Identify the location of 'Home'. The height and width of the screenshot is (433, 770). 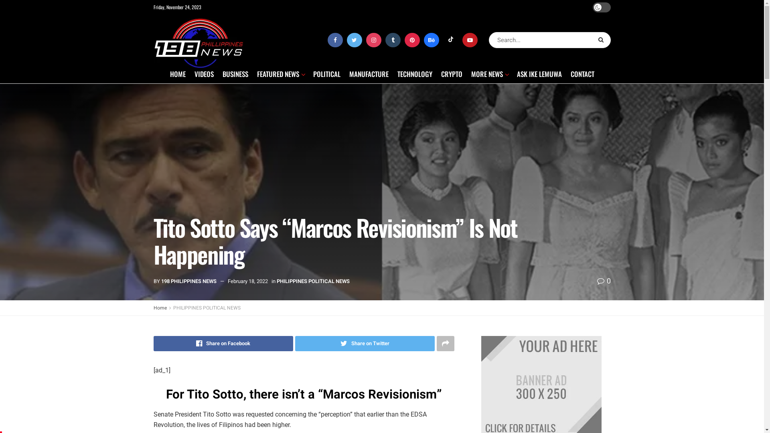
(153, 307).